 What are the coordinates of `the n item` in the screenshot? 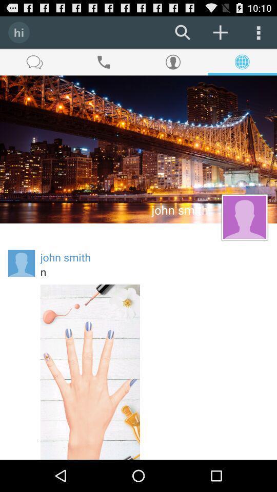 It's located at (154, 271).